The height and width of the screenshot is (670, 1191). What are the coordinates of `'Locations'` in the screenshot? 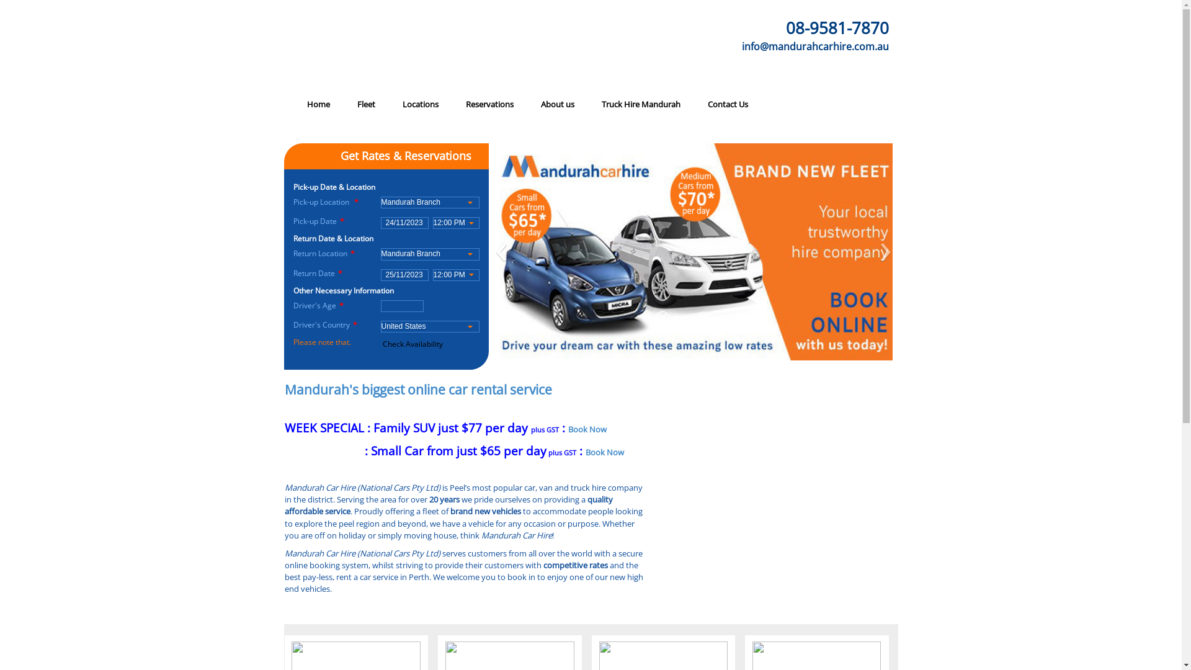 It's located at (387, 104).